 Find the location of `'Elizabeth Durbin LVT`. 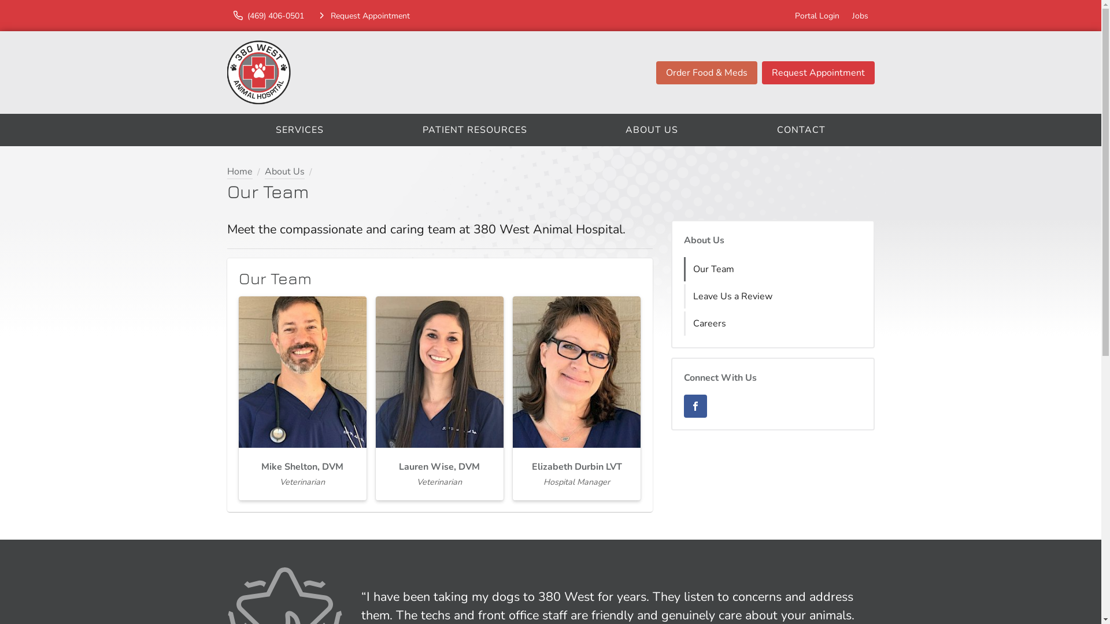

'Elizabeth Durbin LVT is located at coordinates (576, 398).